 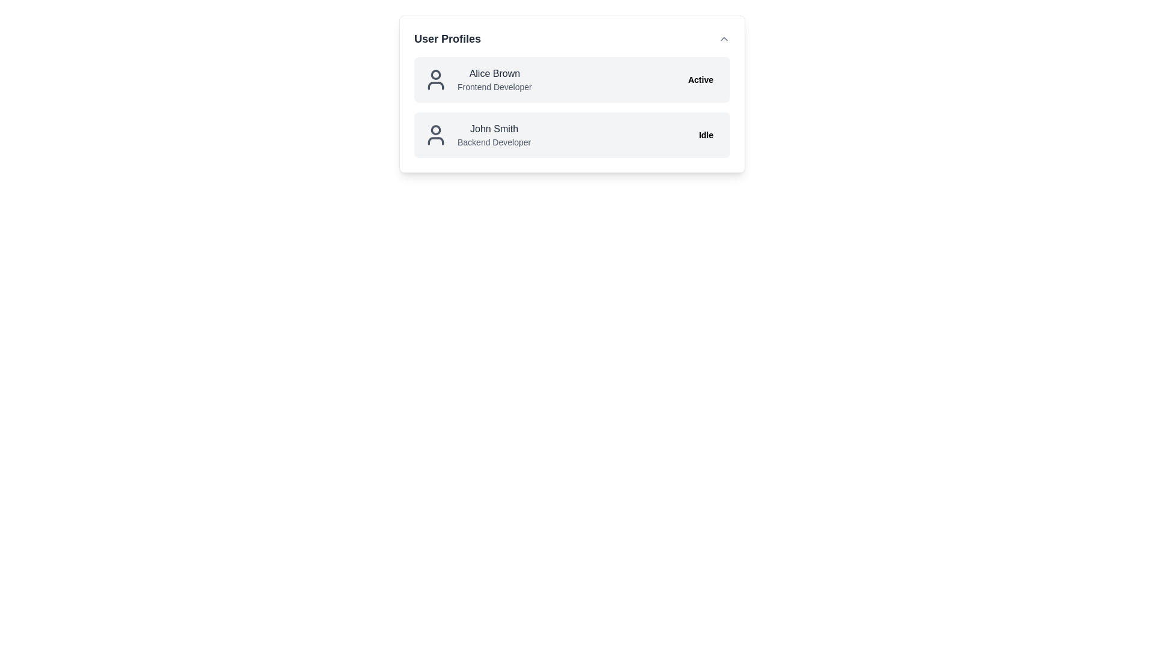 I want to click on text displayed on the status label indicating the profile status of 'Alice Brown, Frontend Developer', so click(x=700, y=79).